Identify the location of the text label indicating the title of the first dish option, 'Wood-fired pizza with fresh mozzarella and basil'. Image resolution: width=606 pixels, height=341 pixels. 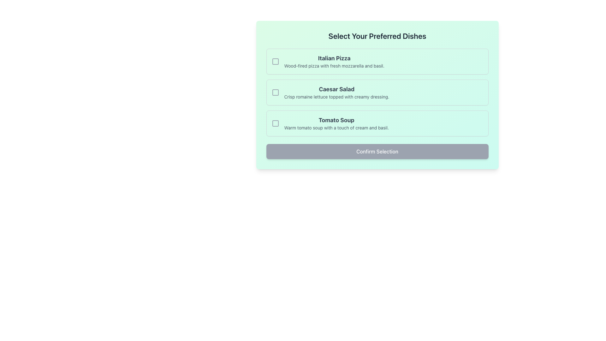
(334, 58).